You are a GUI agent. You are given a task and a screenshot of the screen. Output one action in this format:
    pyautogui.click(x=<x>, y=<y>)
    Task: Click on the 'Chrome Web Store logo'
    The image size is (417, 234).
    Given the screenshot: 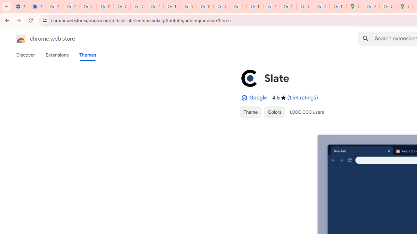 What is the action you would take?
    pyautogui.click(x=21, y=39)
    